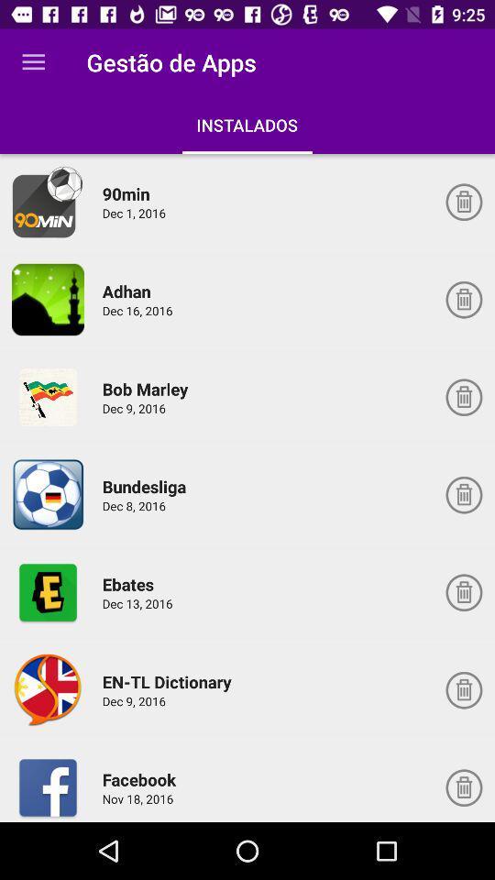 The height and width of the screenshot is (880, 495). Describe the element at coordinates (463, 591) in the screenshot. I see `delete ebates` at that location.